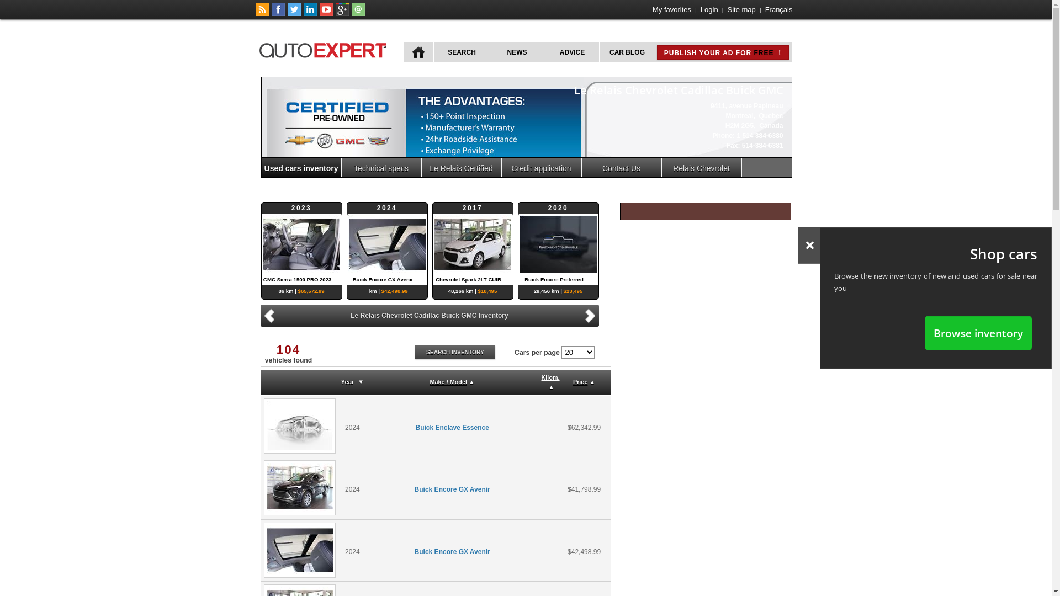 This screenshot has width=1060, height=596. Describe the element at coordinates (580, 381) in the screenshot. I see `'Price'` at that location.